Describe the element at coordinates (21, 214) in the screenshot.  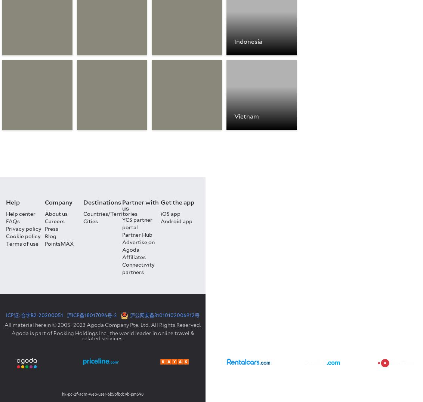
I see `'Help center'` at that location.